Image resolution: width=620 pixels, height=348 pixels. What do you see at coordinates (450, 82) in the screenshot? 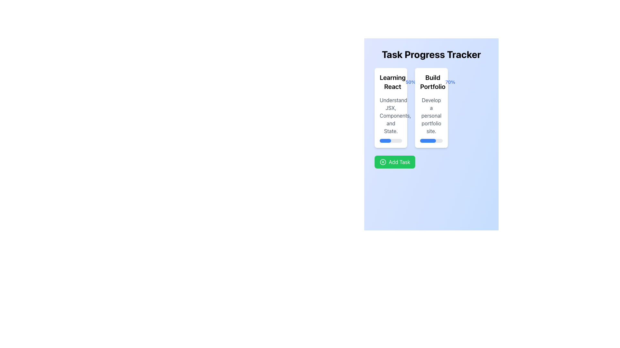
I see `the Text Label displaying '70%' in blue color, located to the right of the 'Build Portfolio' text, indicating progress` at bounding box center [450, 82].